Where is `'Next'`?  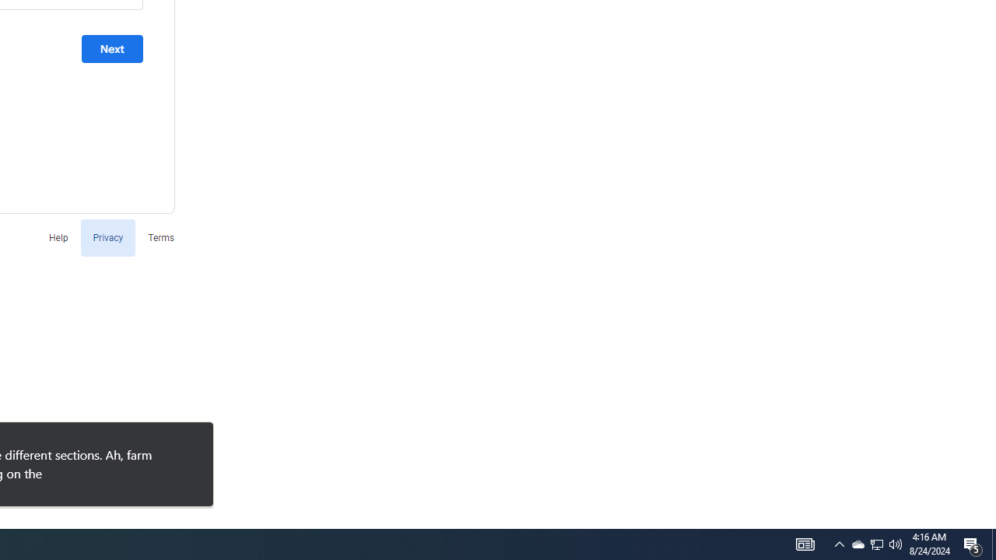
'Next' is located at coordinates (111, 48).